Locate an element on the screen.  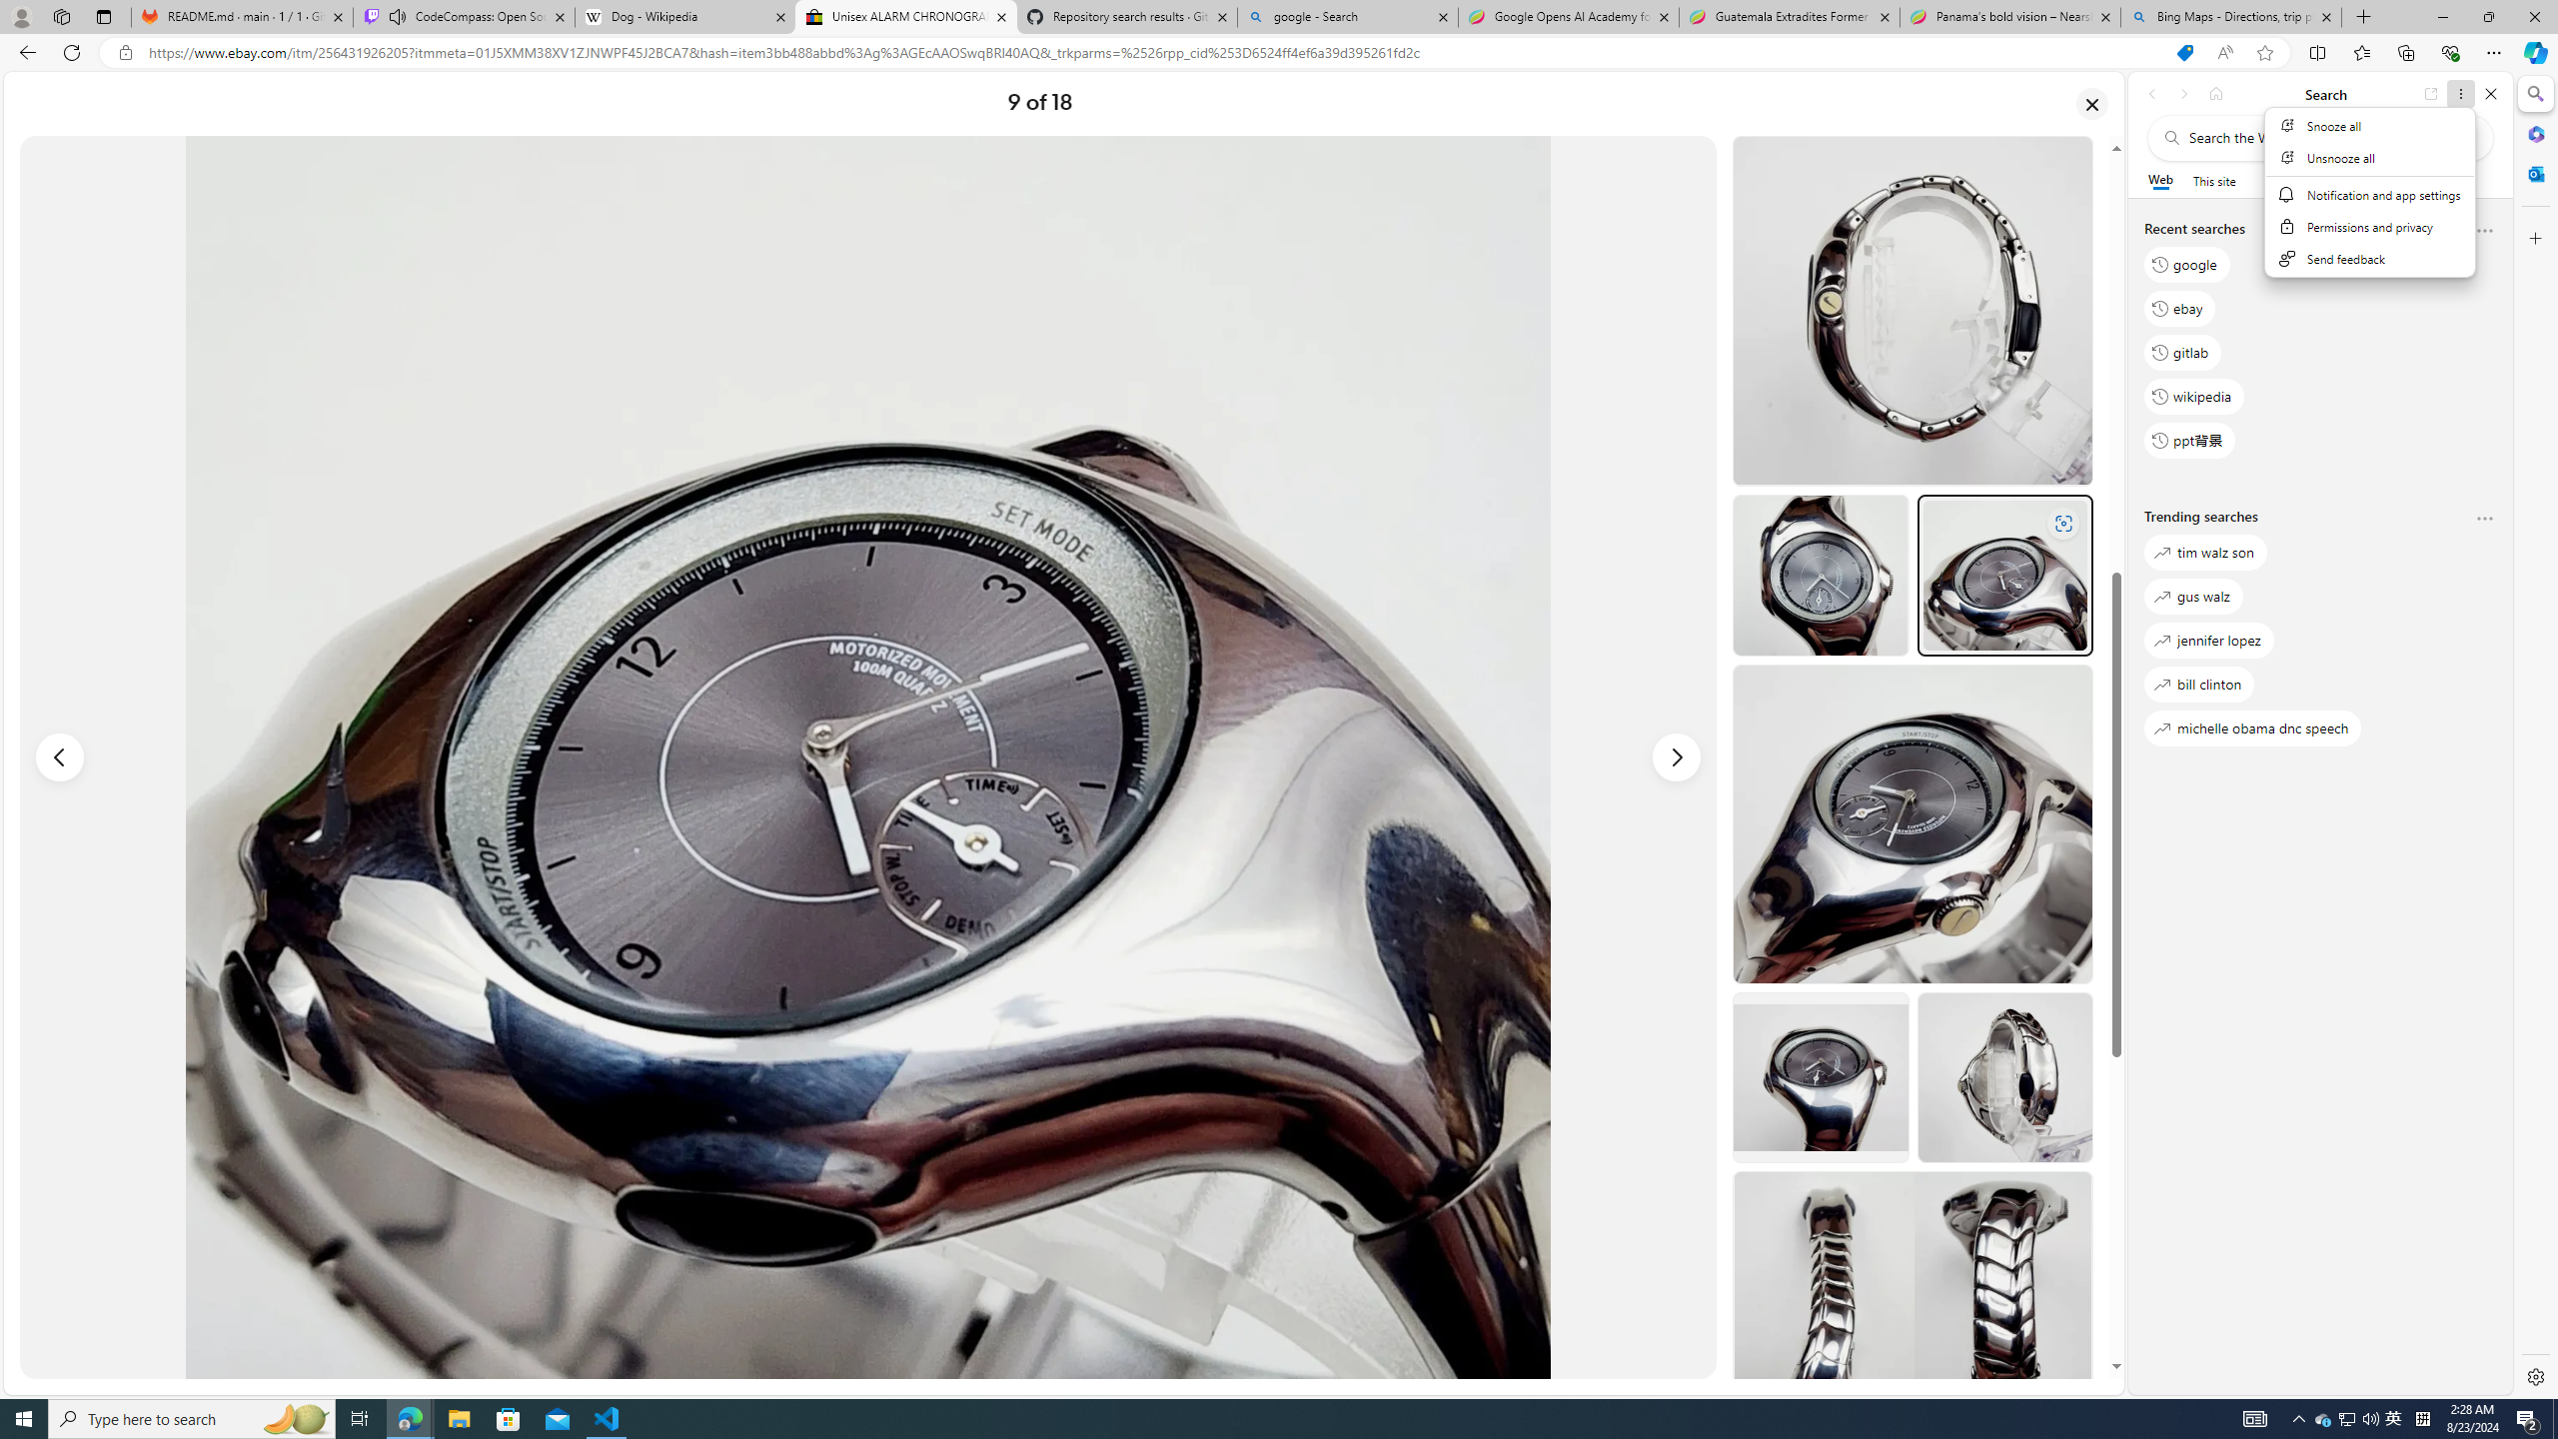
'Google Opens AI Academy for Startups - Nearshore Americas' is located at coordinates (1568, 16).